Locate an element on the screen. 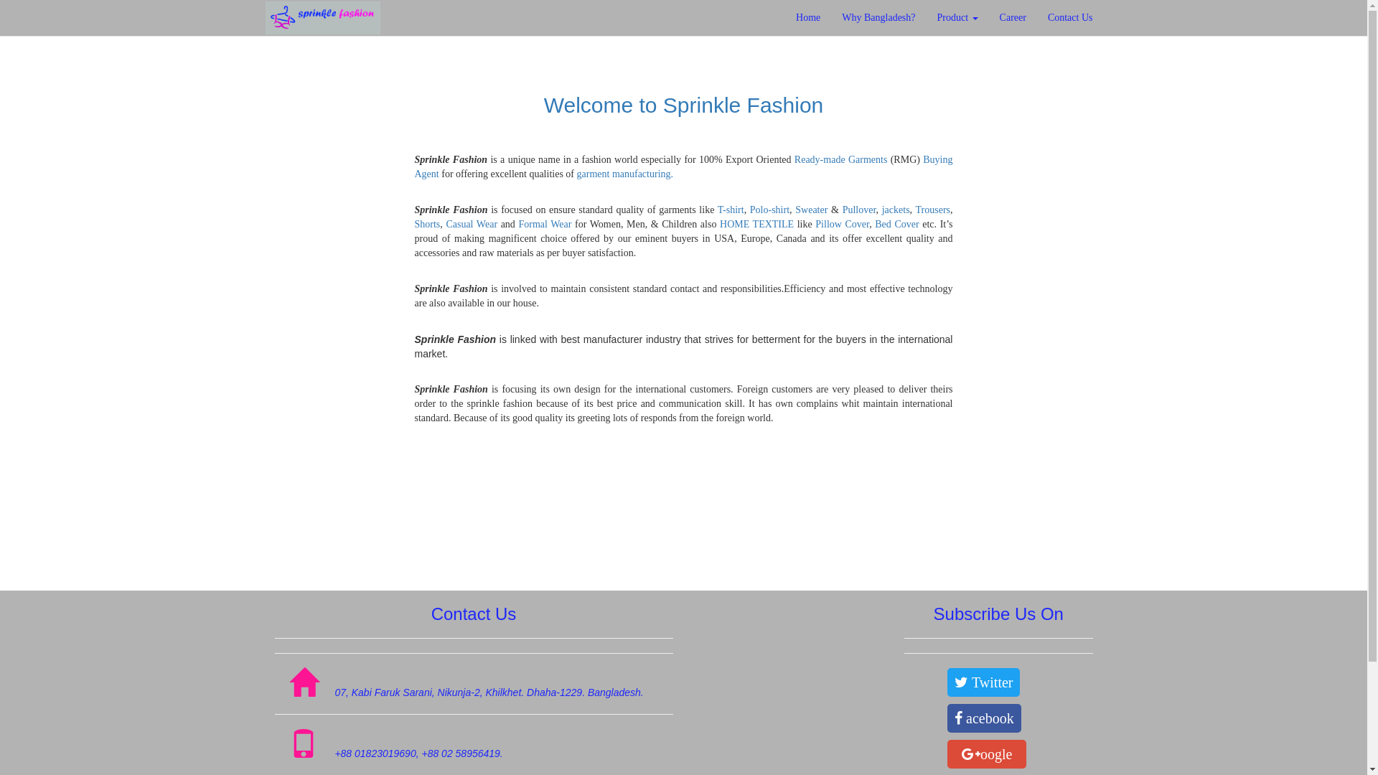 The width and height of the screenshot is (1378, 775). 'Buying Agent' is located at coordinates (683, 166).